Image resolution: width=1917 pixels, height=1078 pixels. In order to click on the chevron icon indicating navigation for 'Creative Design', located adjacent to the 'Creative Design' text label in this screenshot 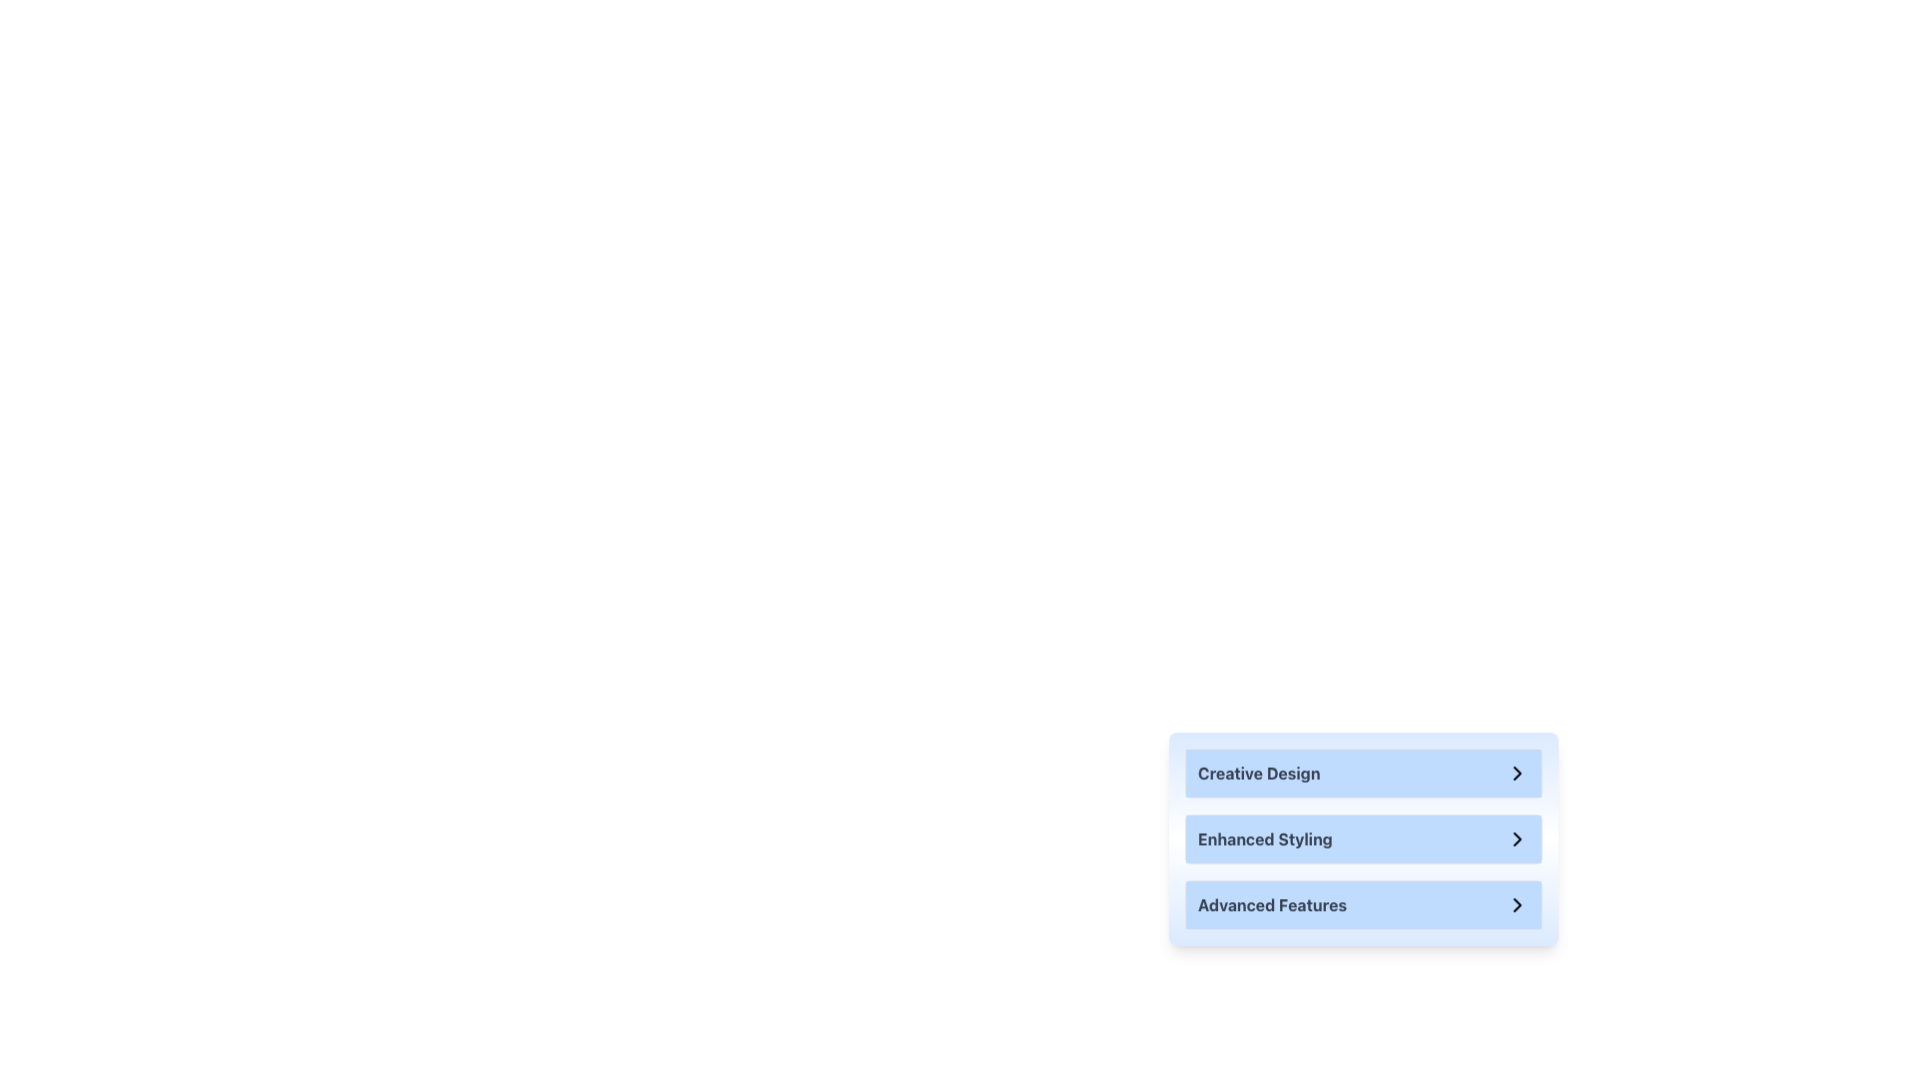, I will do `click(1518, 773)`.